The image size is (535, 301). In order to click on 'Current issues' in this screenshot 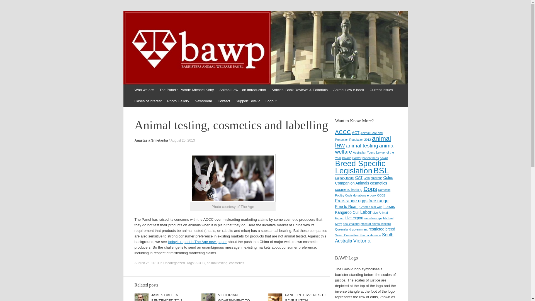, I will do `click(381, 90)`.